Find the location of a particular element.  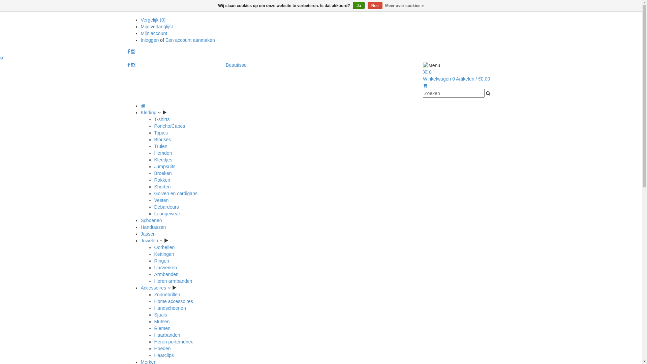

'Uurwerken' is located at coordinates (166, 267).